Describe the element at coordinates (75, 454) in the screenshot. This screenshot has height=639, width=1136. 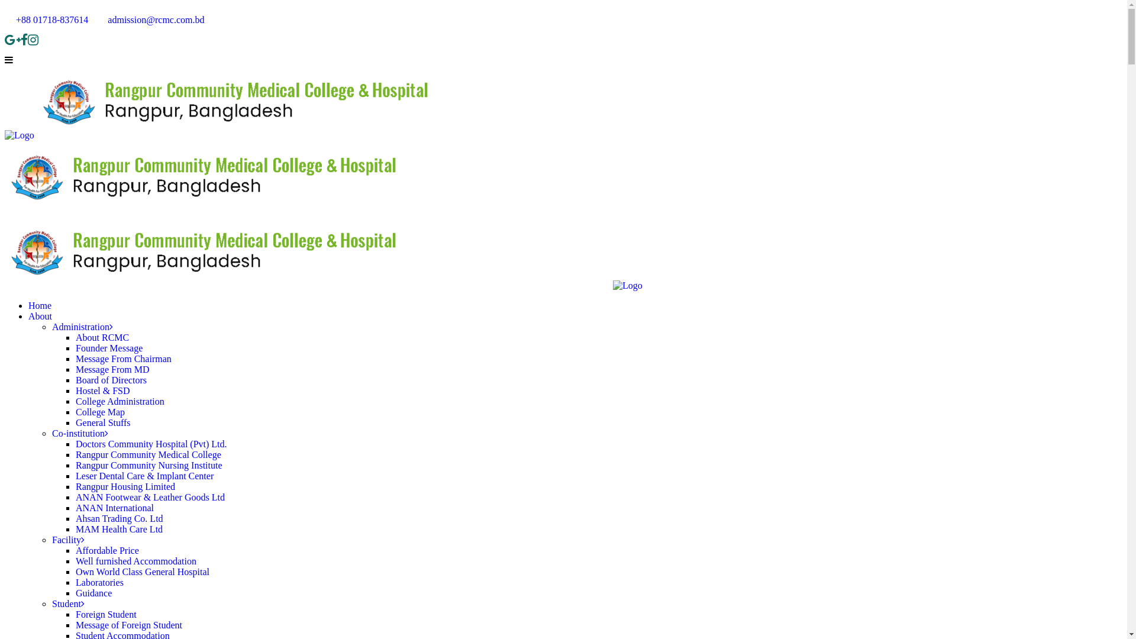
I see `'Rangpur Community Medical College'` at that location.